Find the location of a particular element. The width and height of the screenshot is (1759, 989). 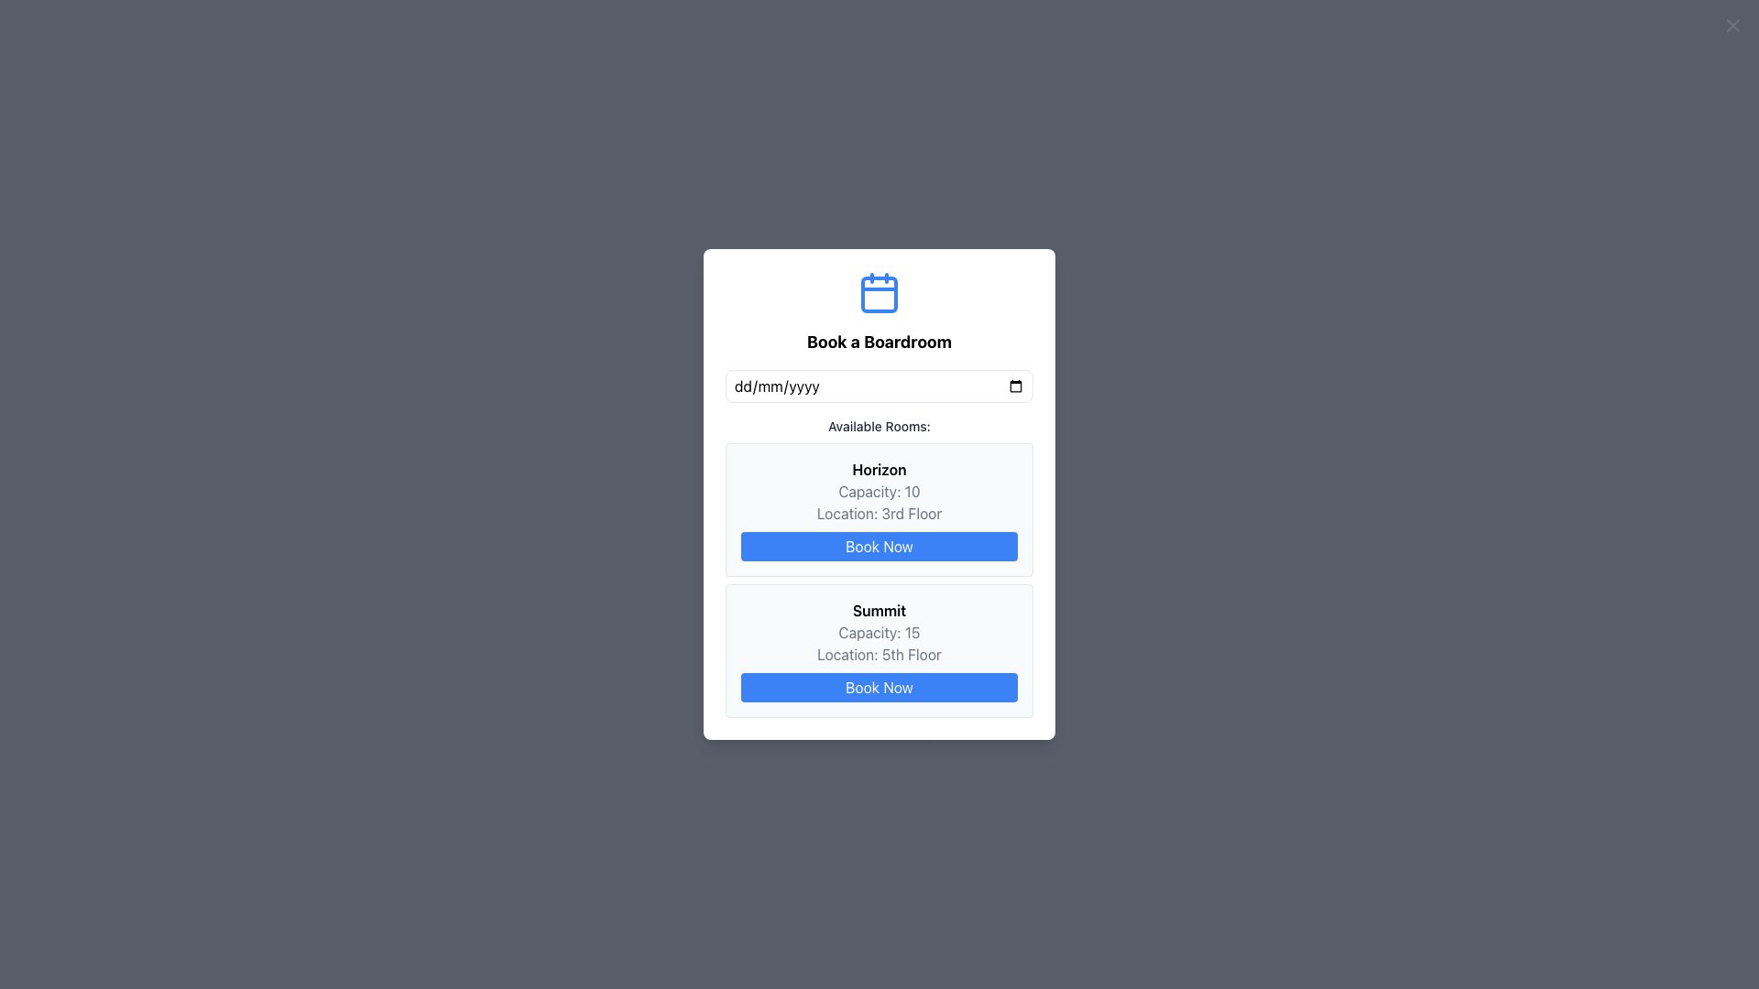

the text label displaying the seating capacity for the room named 'Horizon', which is located below the title 'Horizon' and above 'Location: 3rd Floor' is located at coordinates (879, 490).